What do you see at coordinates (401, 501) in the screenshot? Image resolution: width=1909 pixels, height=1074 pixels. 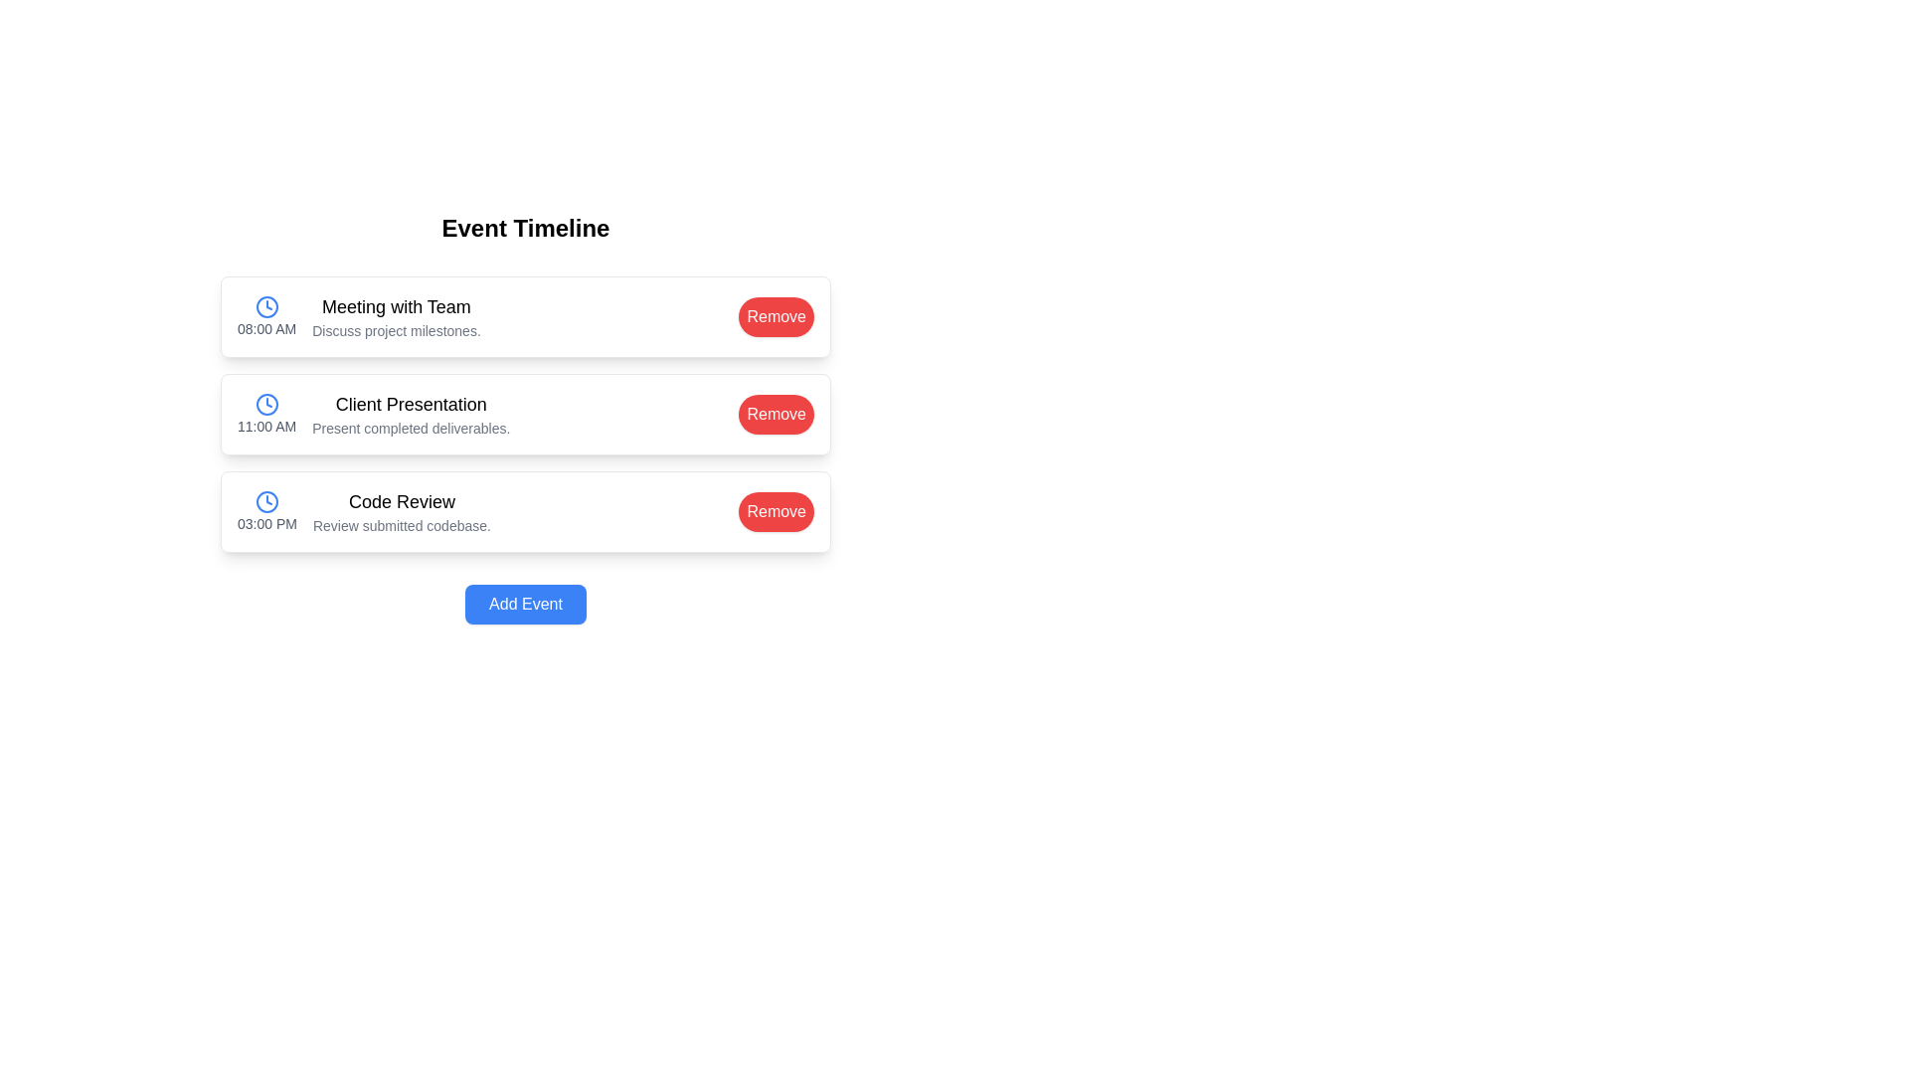 I see `the 'Code Review' text label, which is styled in bold and larger font, located in the third event entry of a vertical timeline between '03:00 PM' and a 'Remove' button` at bounding box center [401, 501].